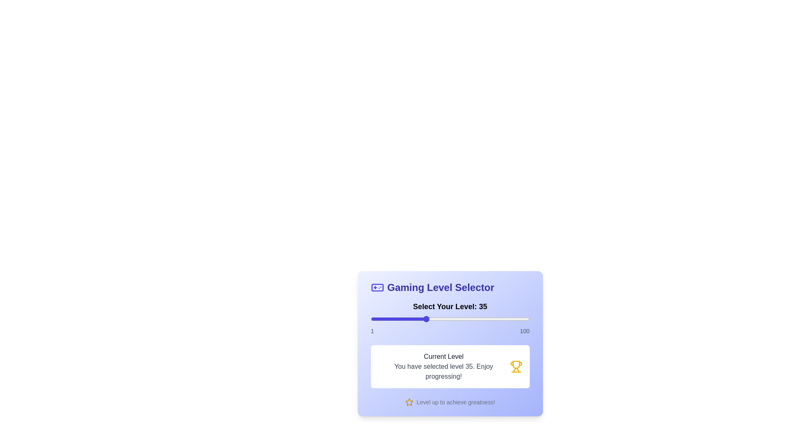  I want to click on the gaming level, so click(401, 319).